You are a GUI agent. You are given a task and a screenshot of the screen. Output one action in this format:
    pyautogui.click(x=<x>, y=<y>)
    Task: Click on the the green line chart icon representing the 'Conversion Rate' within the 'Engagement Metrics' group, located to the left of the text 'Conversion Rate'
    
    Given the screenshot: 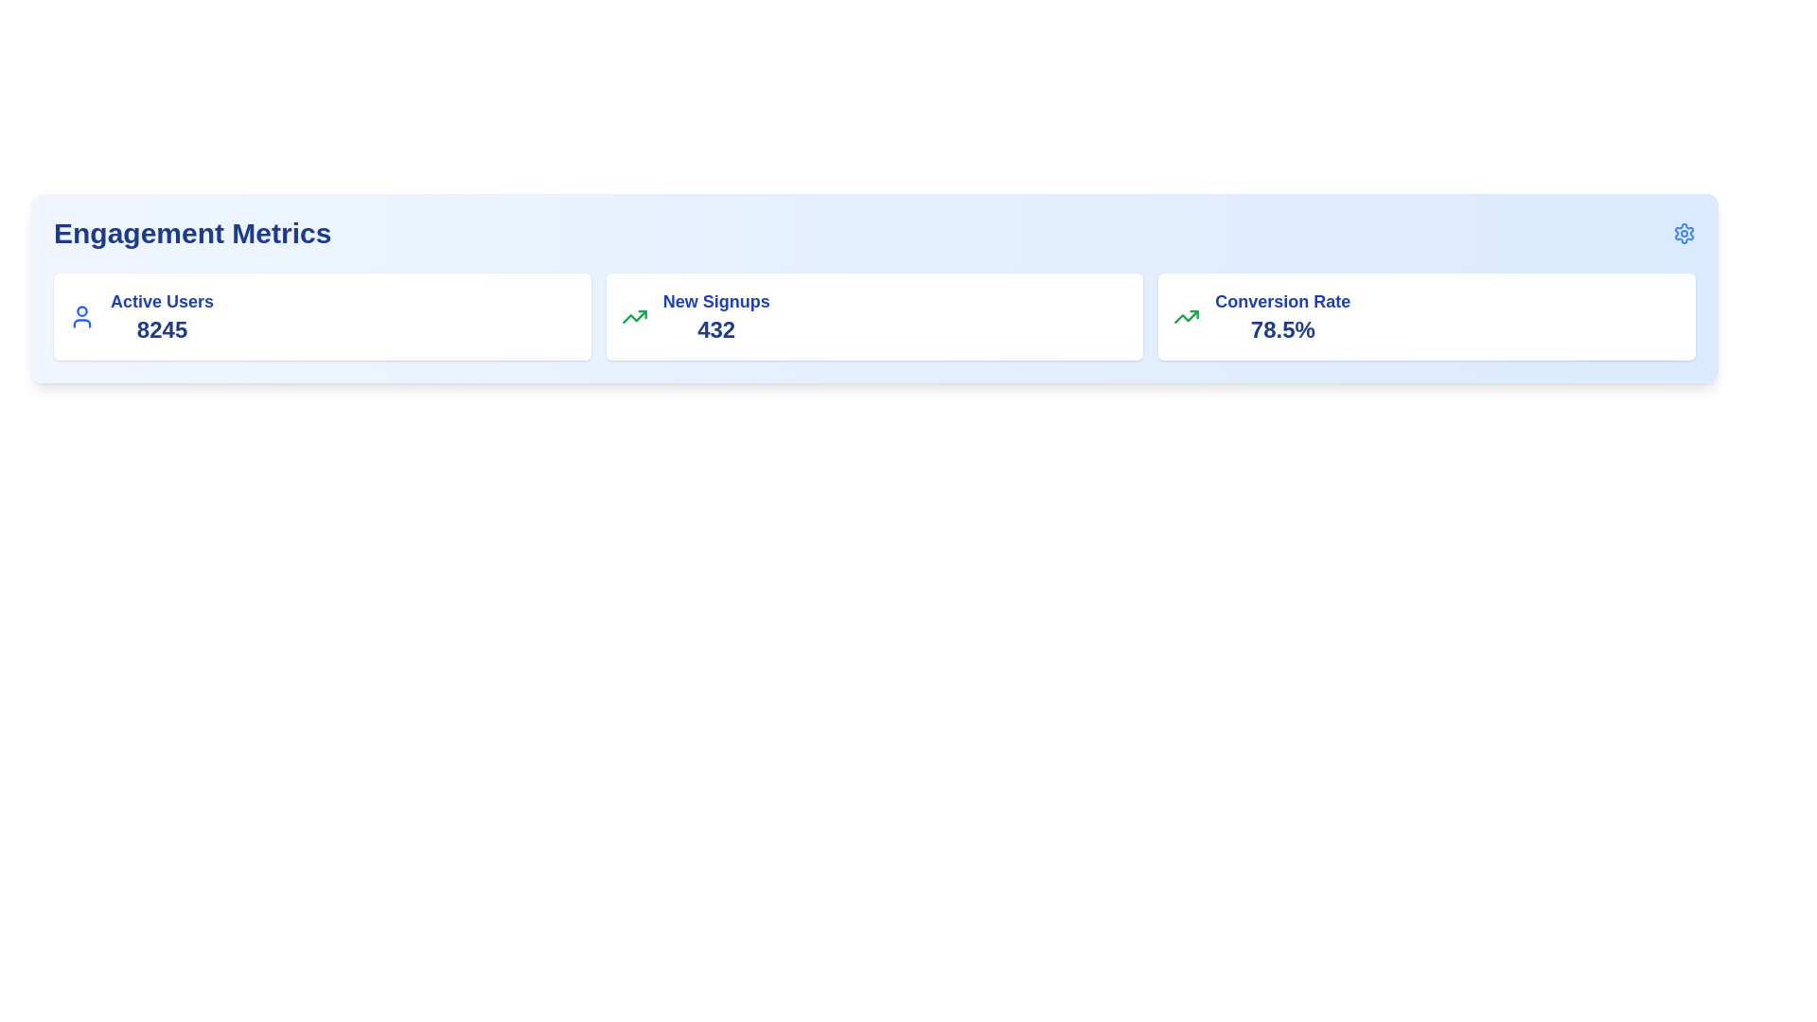 What is the action you would take?
    pyautogui.click(x=1186, y=316)
    